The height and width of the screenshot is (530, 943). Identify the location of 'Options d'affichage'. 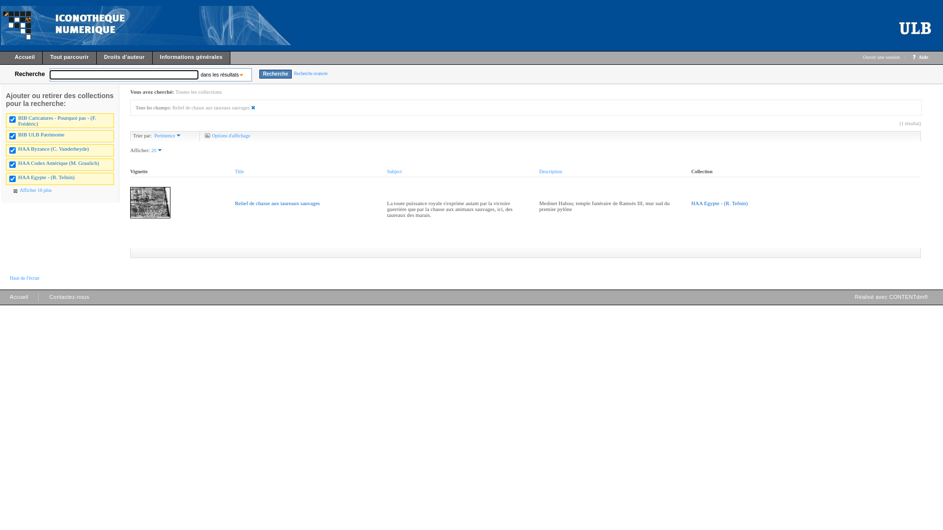
(226, 135).